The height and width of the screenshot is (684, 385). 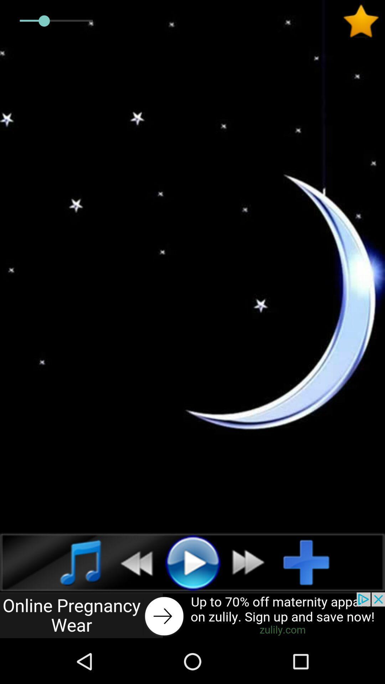 What do you see at coordinates (132, 562) in the screenshot?
I see `the av_rewind icon` at bounding box center [132, 562].